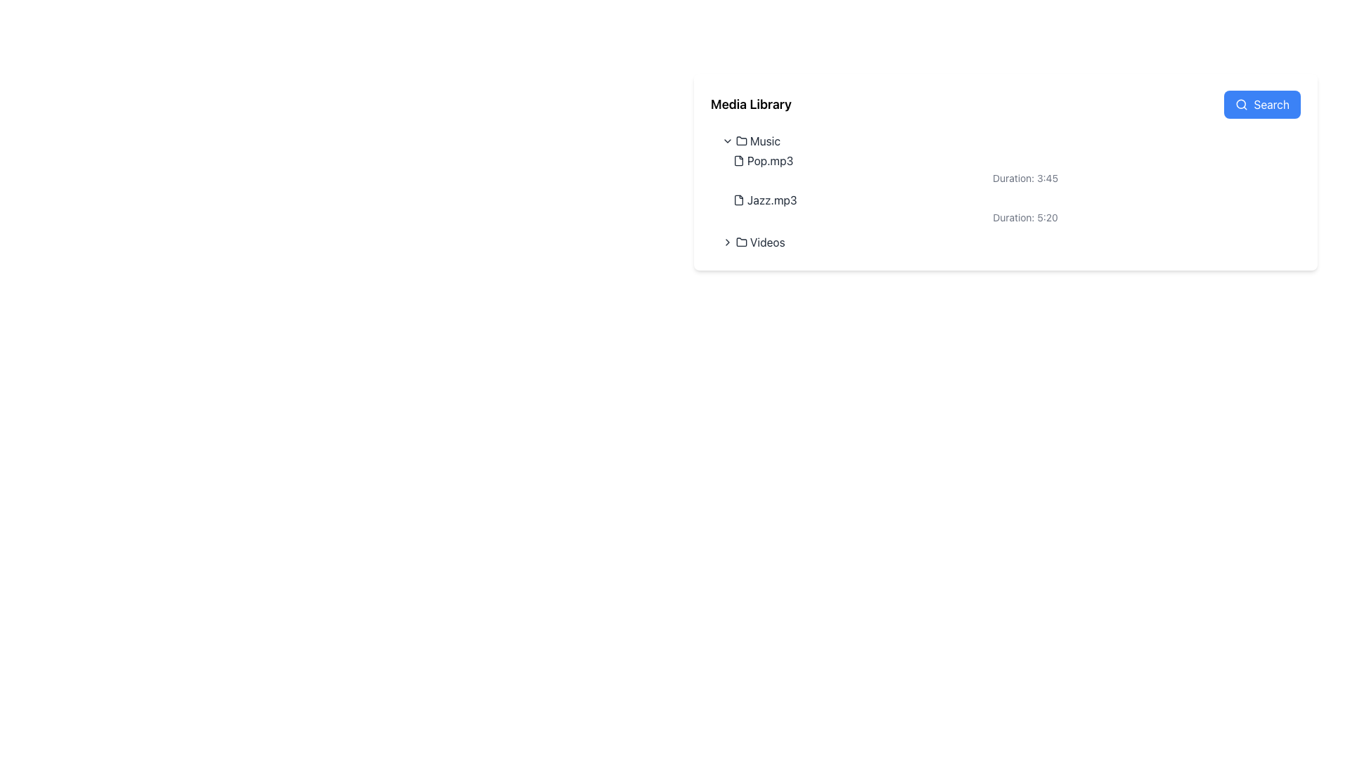 The height and width of the screenshot is (759, 1350). What do you see at coordinates (769, 160) in the screenshot?
I see `the text label representing the file 'Pop.mp3'` at bounding box center [769, 160].